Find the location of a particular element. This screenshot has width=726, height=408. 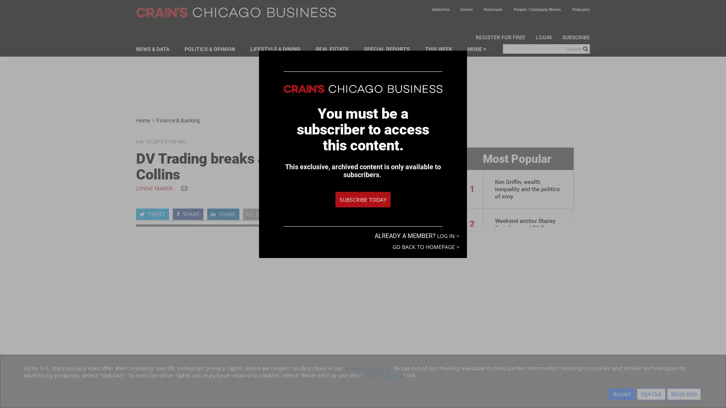

Opt-Out is located at coordinates (651, 394).